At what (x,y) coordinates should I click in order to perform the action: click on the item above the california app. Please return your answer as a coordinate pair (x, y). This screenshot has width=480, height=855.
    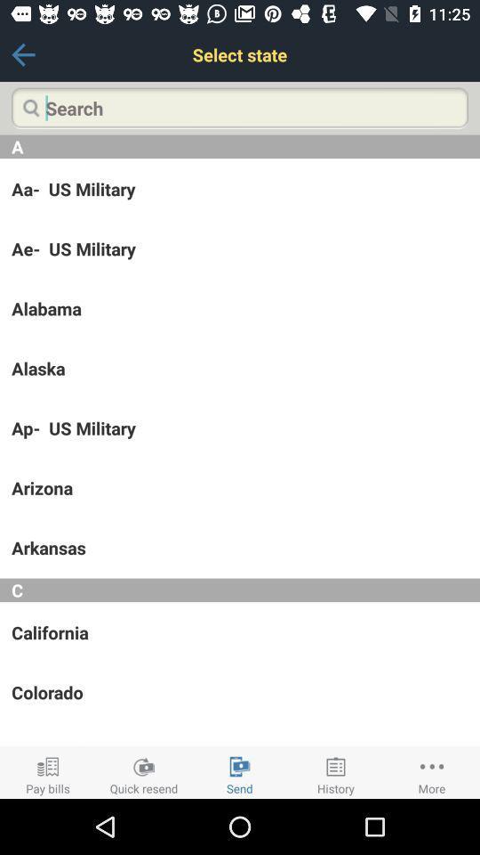
    Looking at the image, I should click on (240, 590).